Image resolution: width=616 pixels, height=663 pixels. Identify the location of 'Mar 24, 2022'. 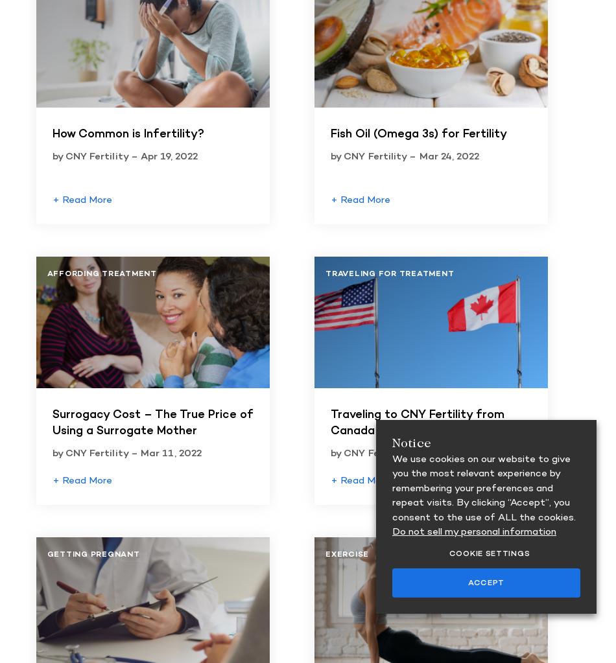
(449, 156).